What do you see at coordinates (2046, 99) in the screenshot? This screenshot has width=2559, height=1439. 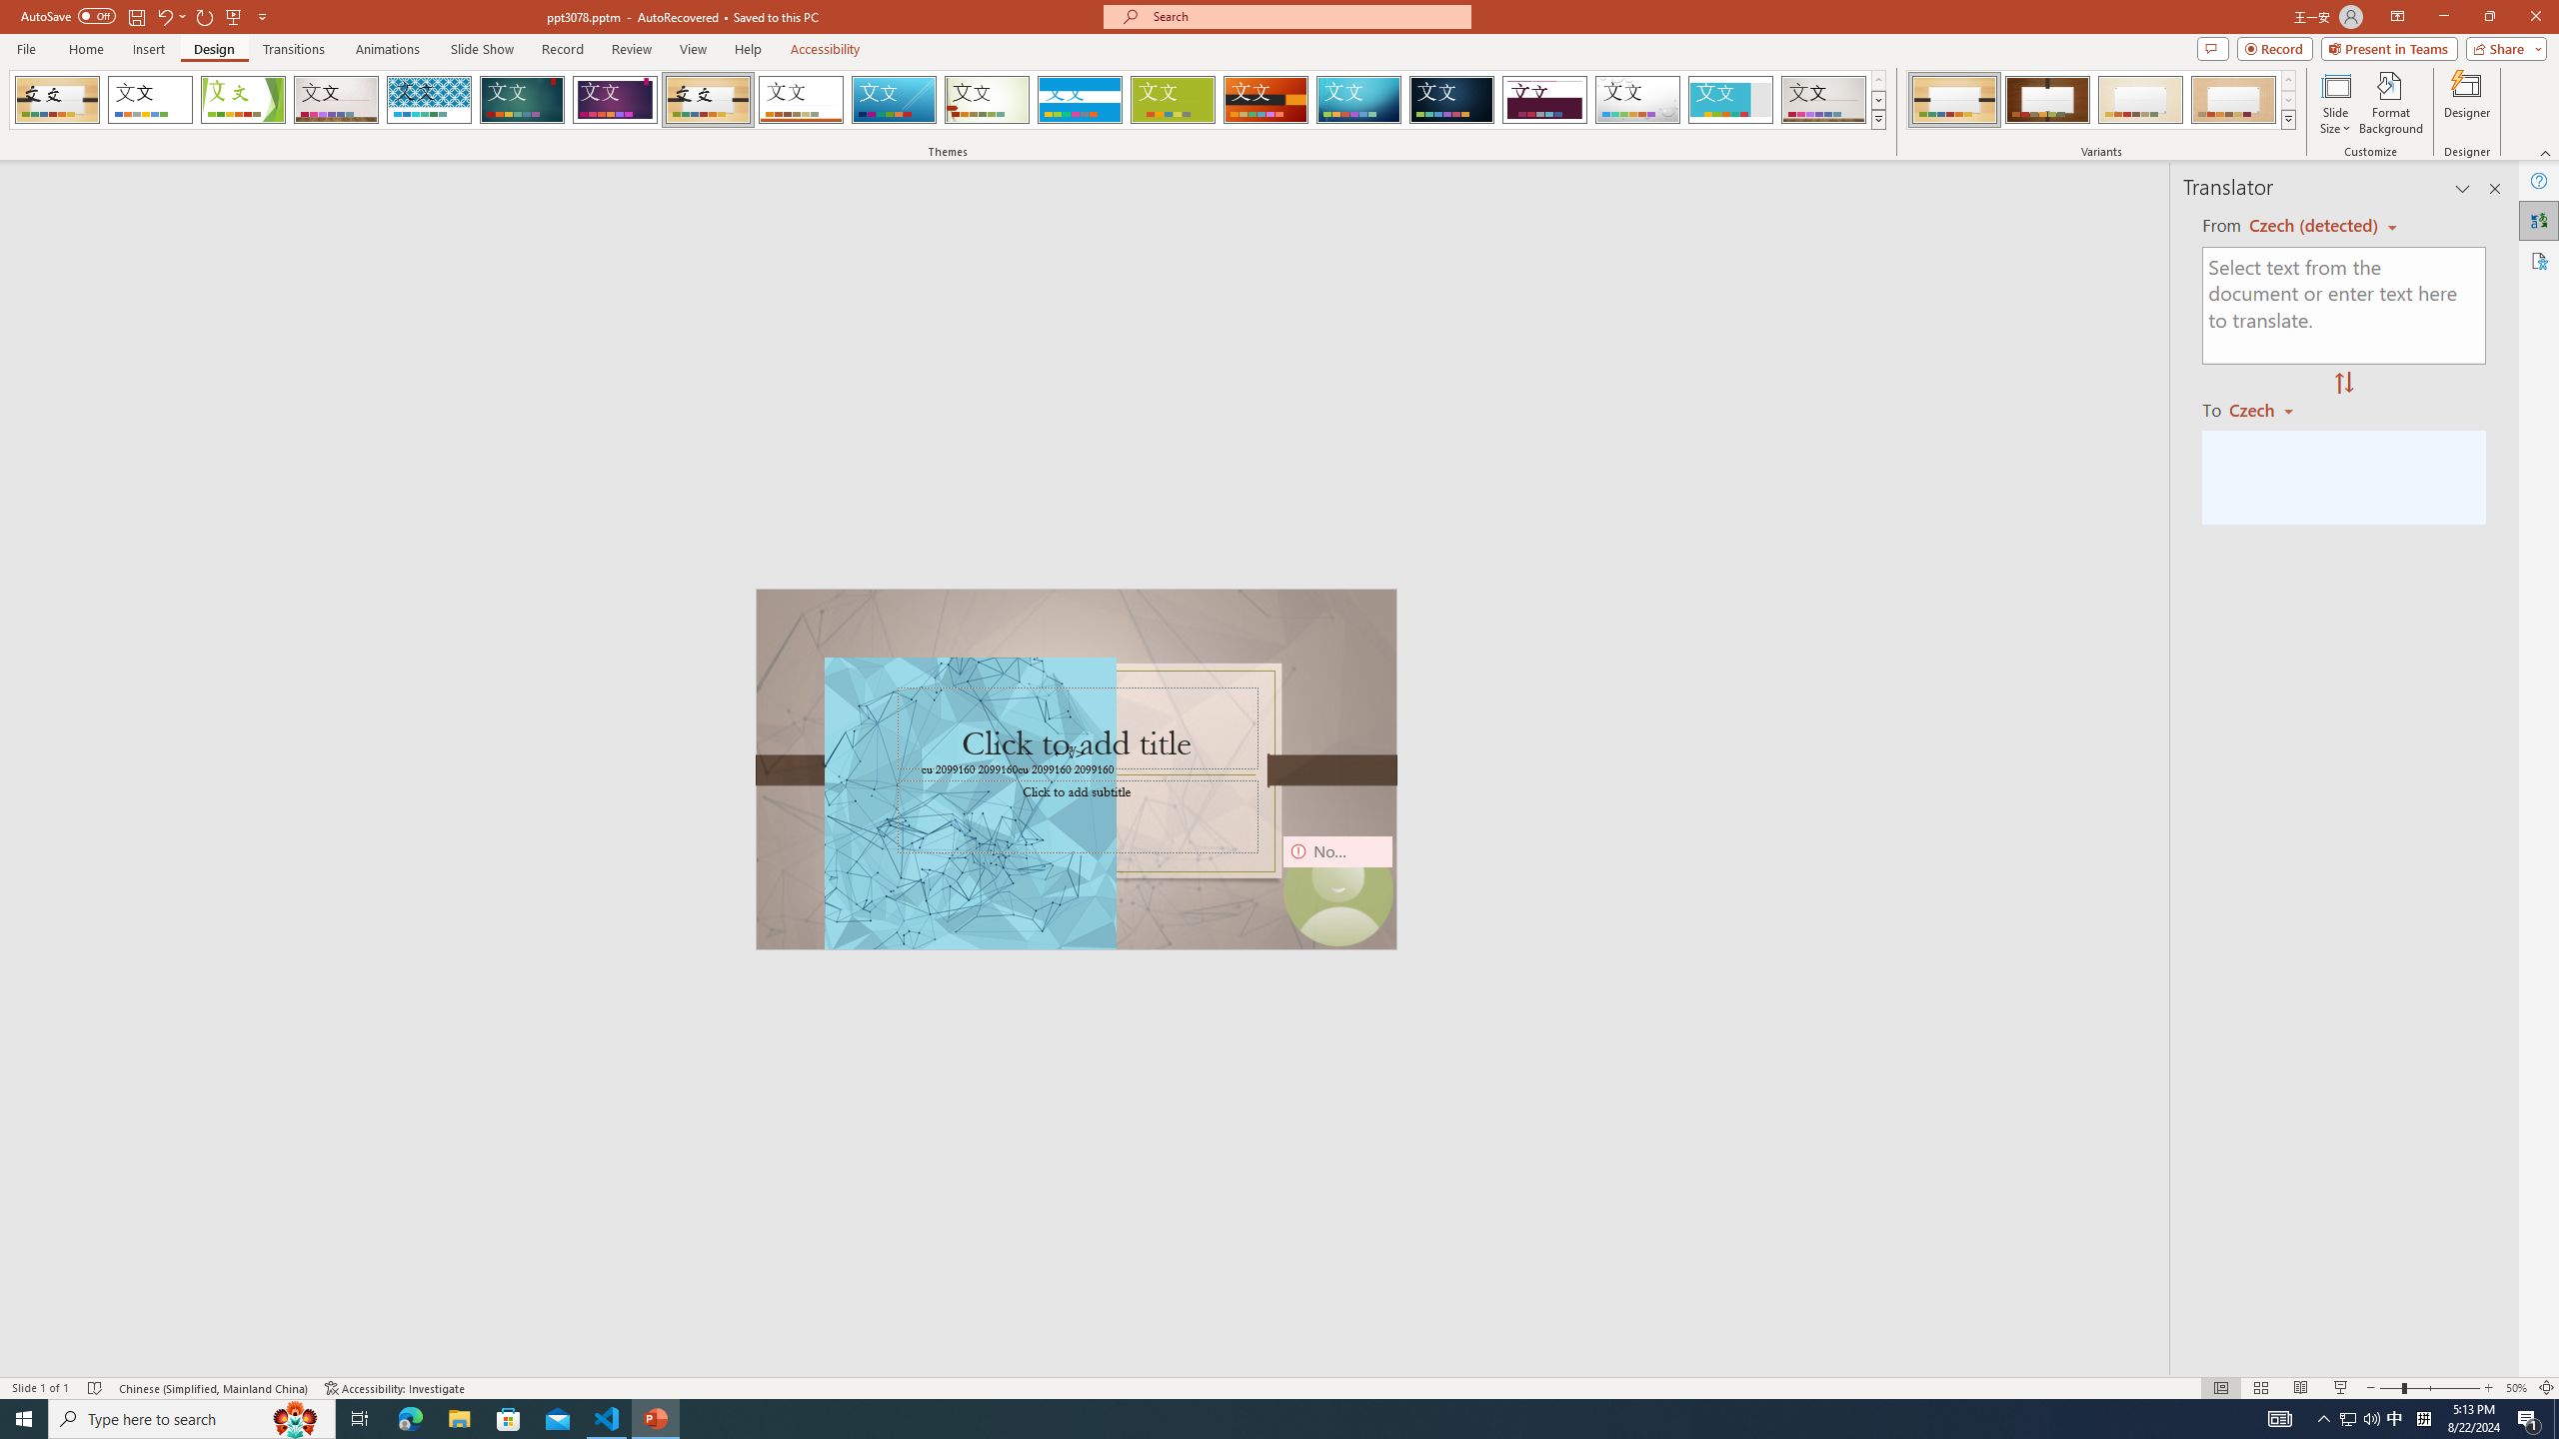 I see `'Organic Variant 2'` at bounding box center [2046, 99].